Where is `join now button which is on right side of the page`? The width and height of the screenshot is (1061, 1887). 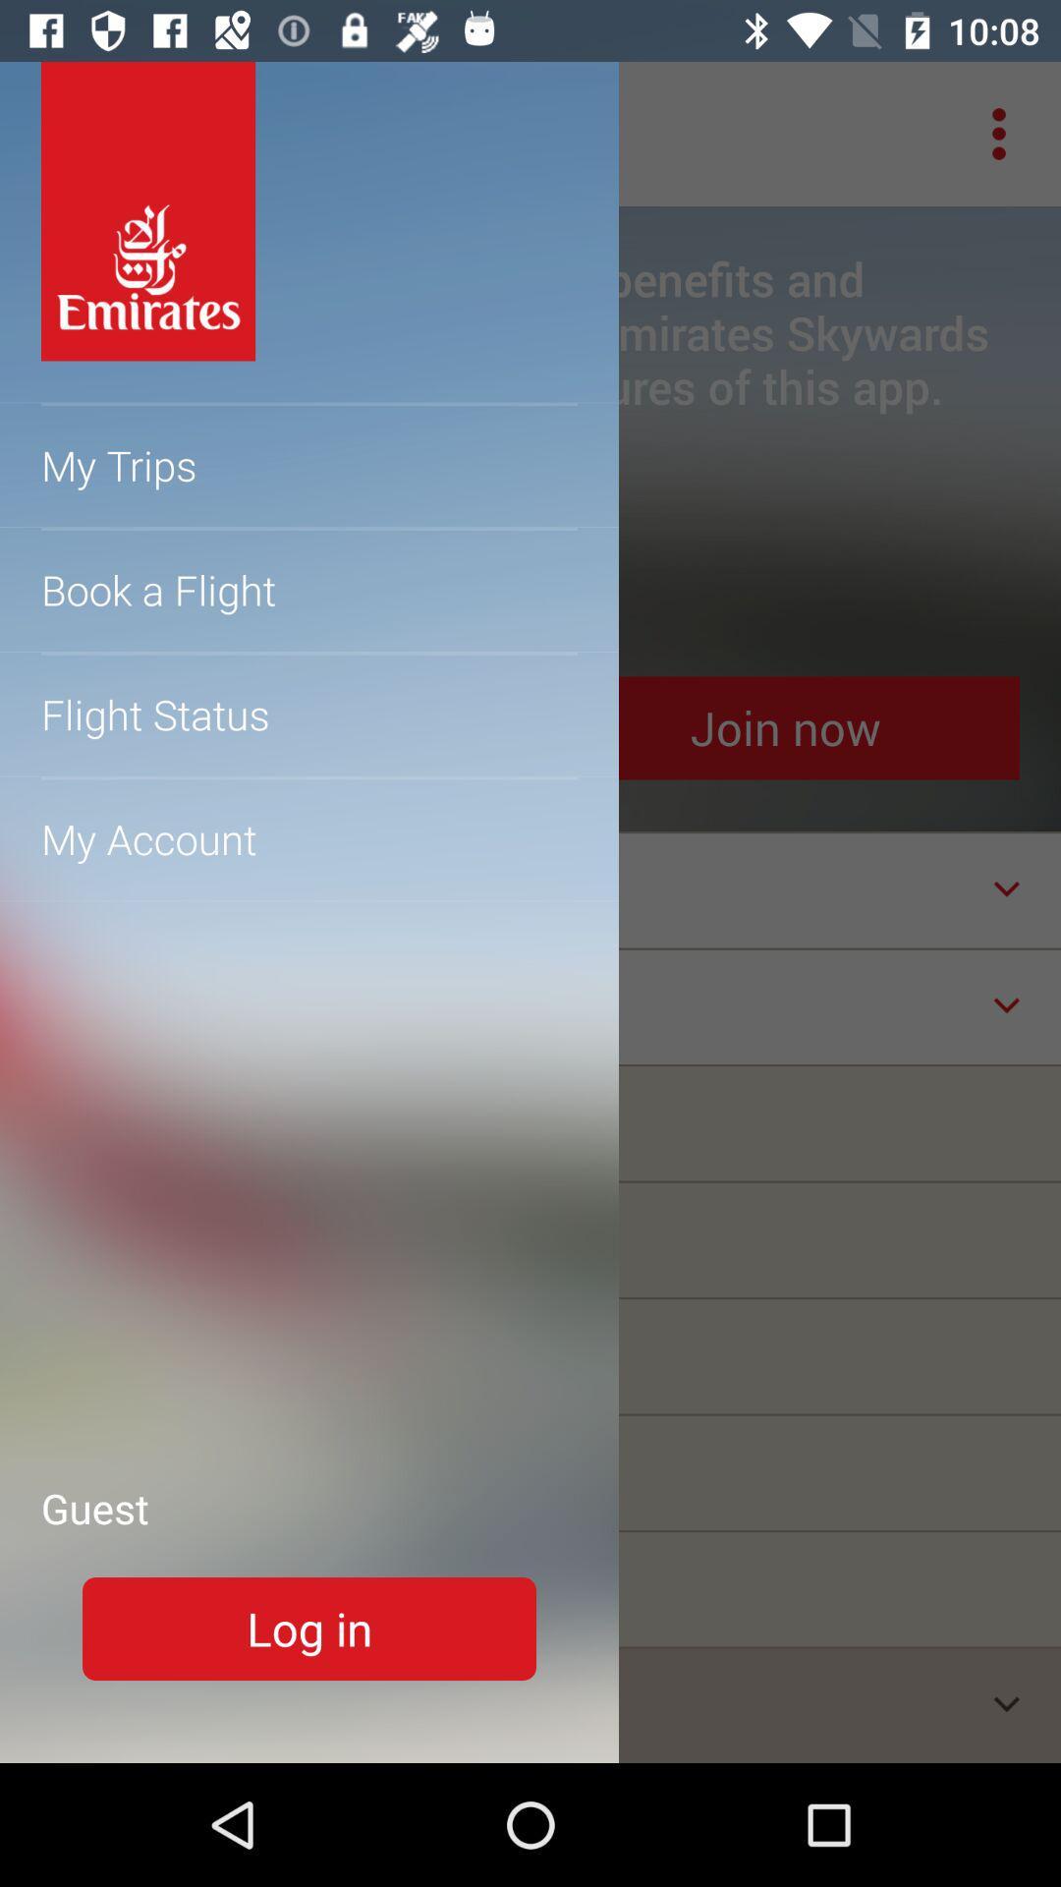 join now button which is on right side of the page is located at coordinates (784, 727).